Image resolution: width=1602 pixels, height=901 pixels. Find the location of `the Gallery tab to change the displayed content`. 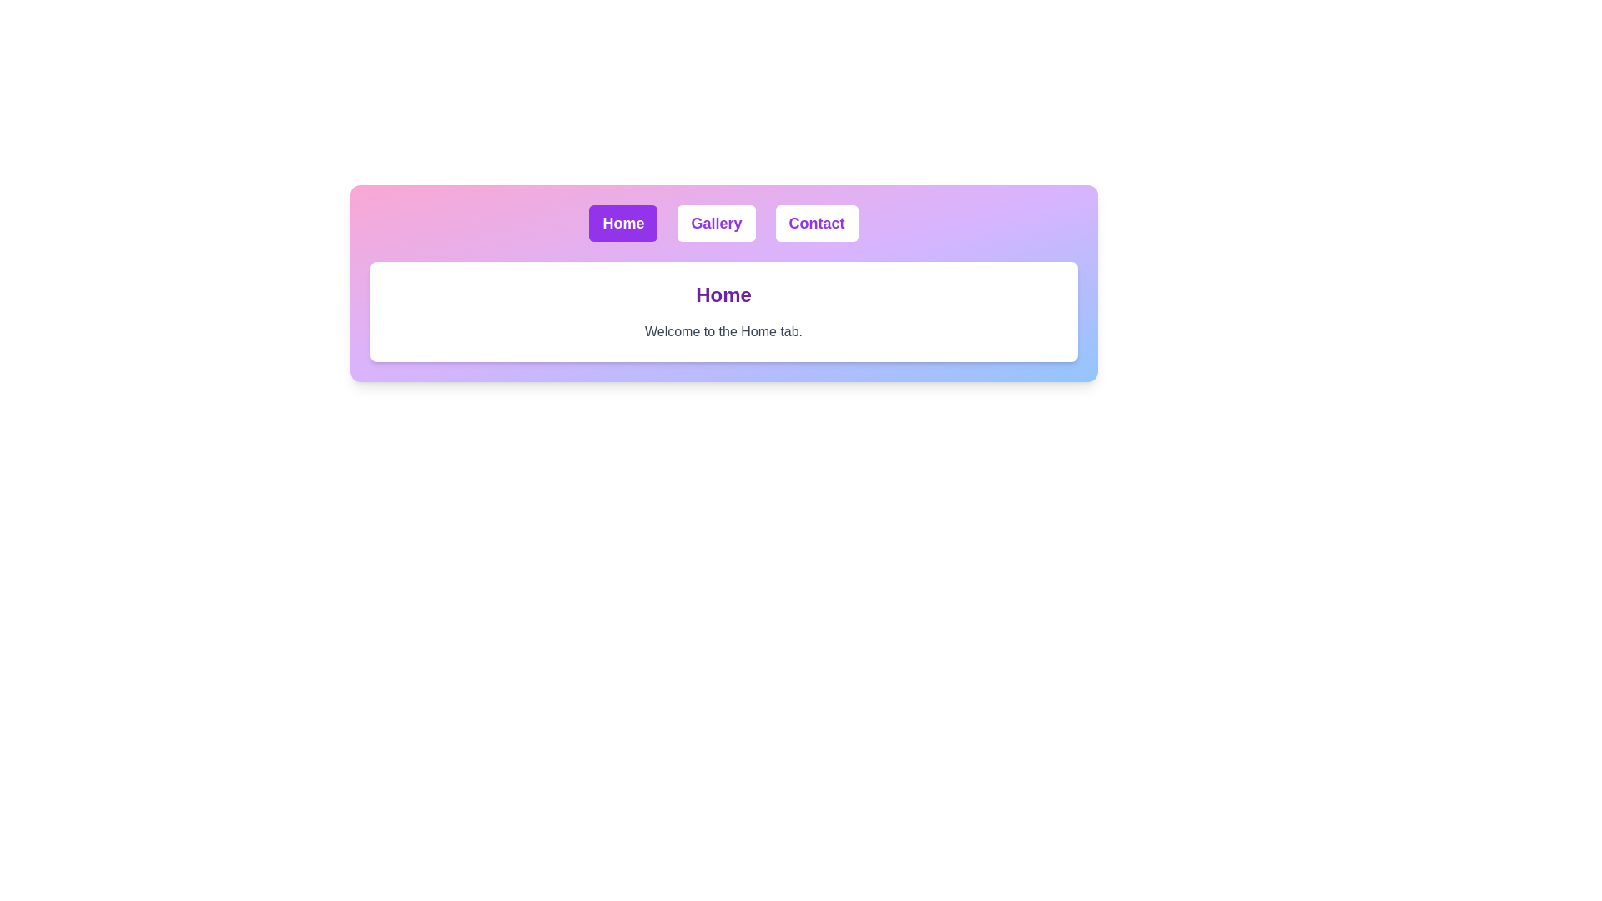

the Gallery tab to change the displayed content is located at coordinates (717, 222).